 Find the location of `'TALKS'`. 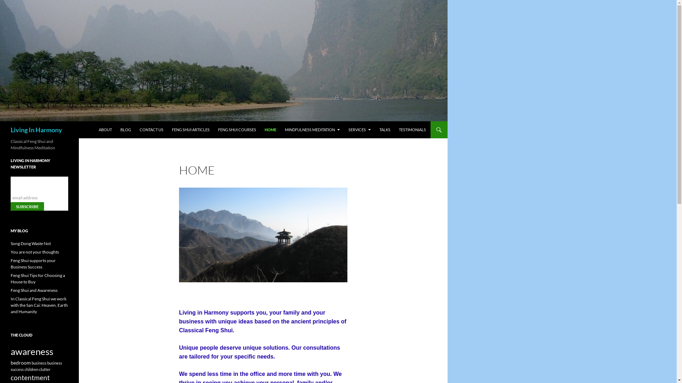

'TALKS' is located at coordinates (384, 130).